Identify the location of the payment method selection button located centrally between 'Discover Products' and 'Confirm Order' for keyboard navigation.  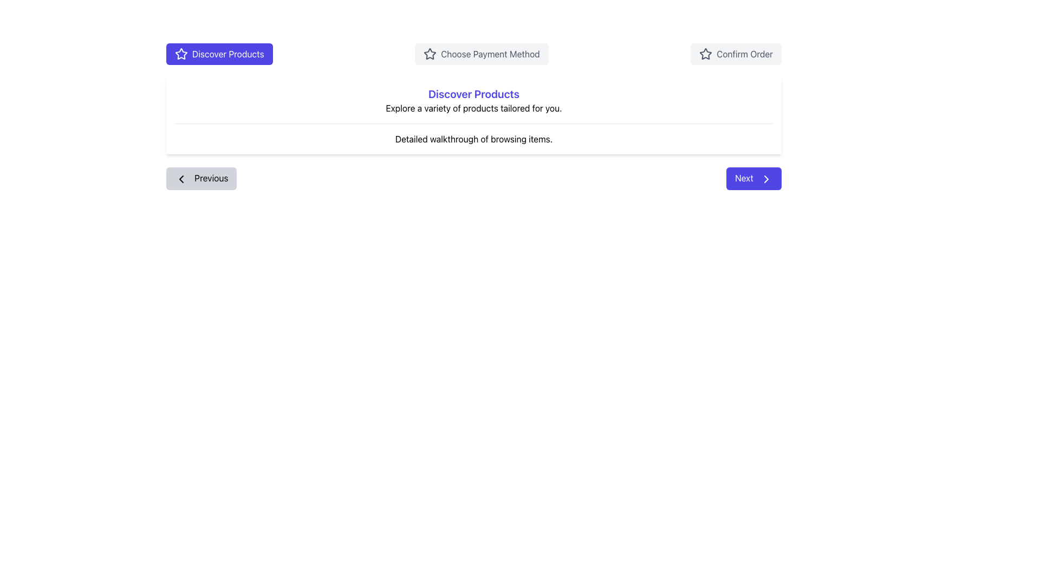
(481, 54).